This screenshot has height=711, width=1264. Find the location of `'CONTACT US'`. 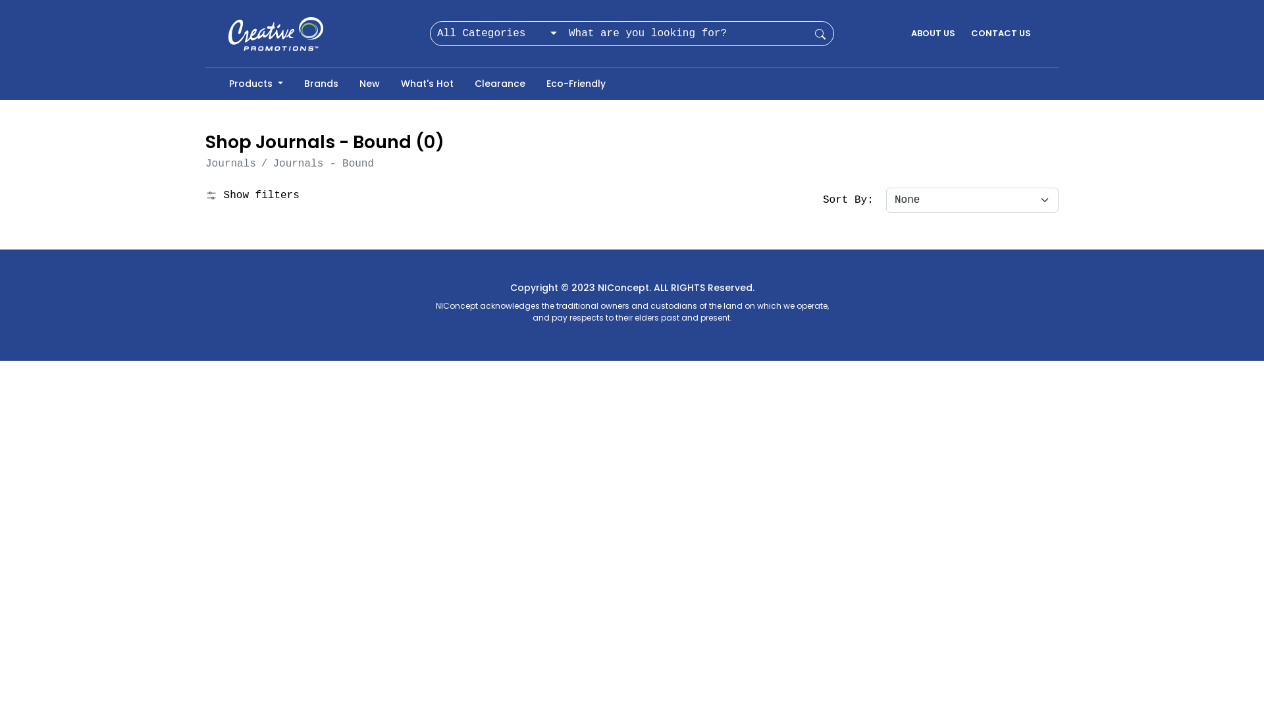

'CONTACT US' is located at coordinates (1001, 32).